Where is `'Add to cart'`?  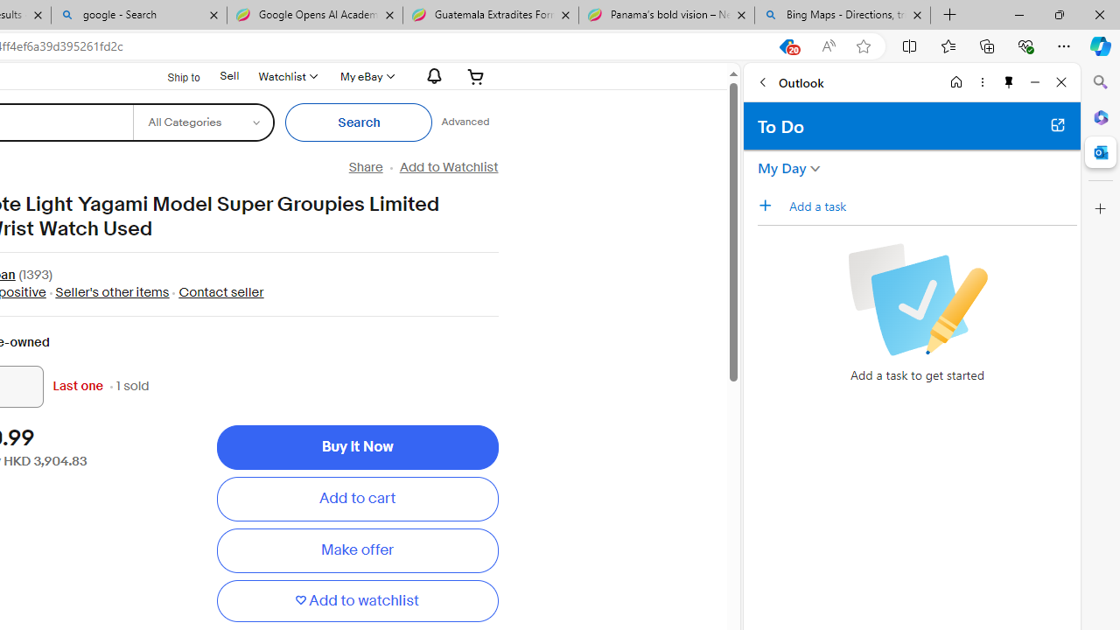
'Add to cart' is located at coordinates (356, 499).